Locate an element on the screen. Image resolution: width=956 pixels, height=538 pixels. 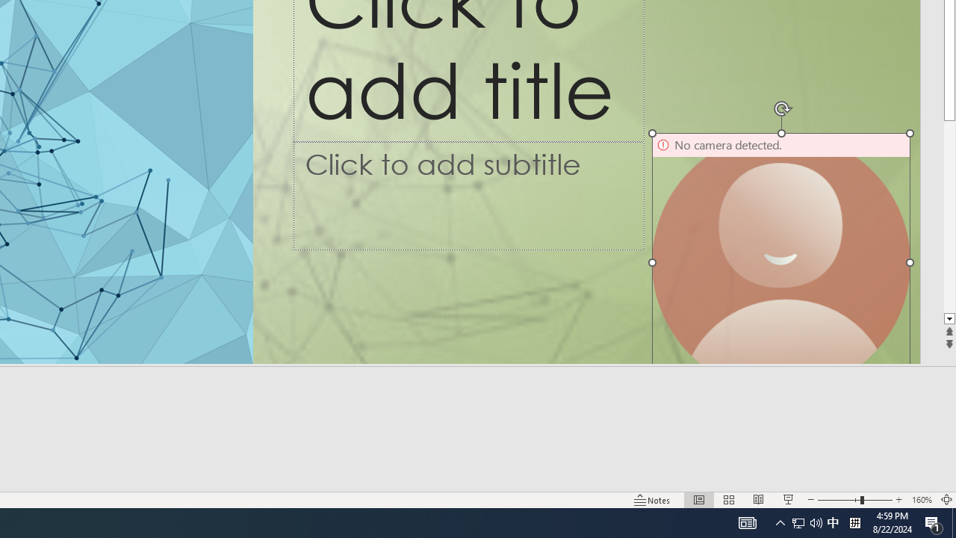
'Zoom 160%' is located at coordinates (921, 500).